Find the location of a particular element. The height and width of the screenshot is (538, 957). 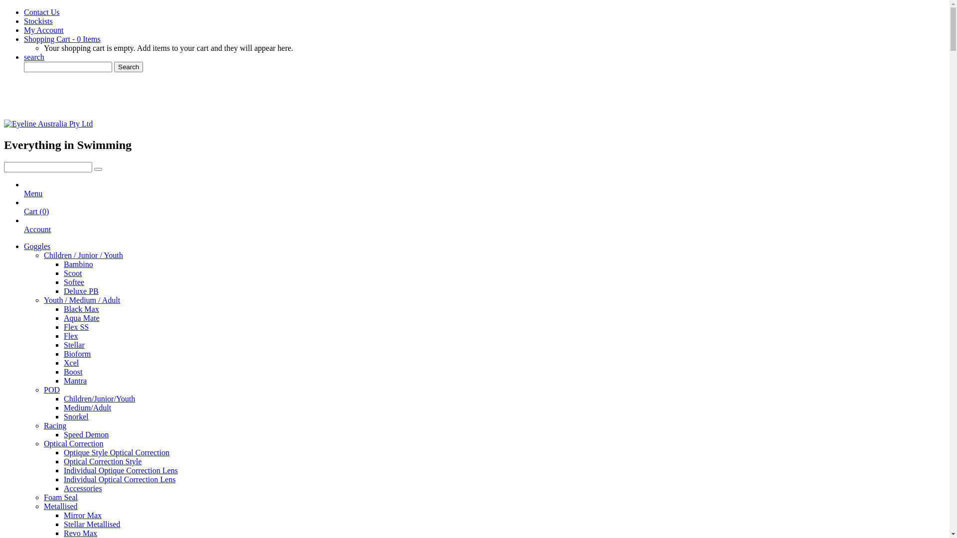

'Metallised' is located at coordinates (60, 506).